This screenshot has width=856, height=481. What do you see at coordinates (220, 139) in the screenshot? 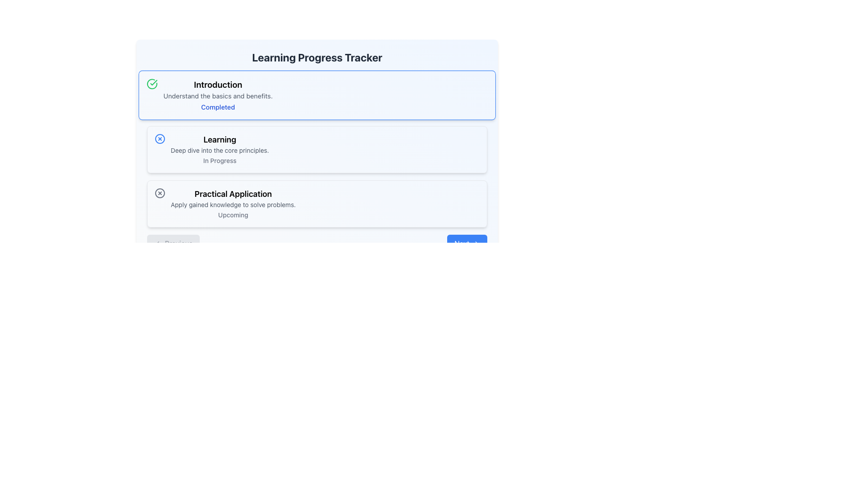
I see `the title text label for the 'Learning' section of the progress tracker, which is the first and largest text component, positioned above the descriptive text and status text` at bounding box center [220, 139].